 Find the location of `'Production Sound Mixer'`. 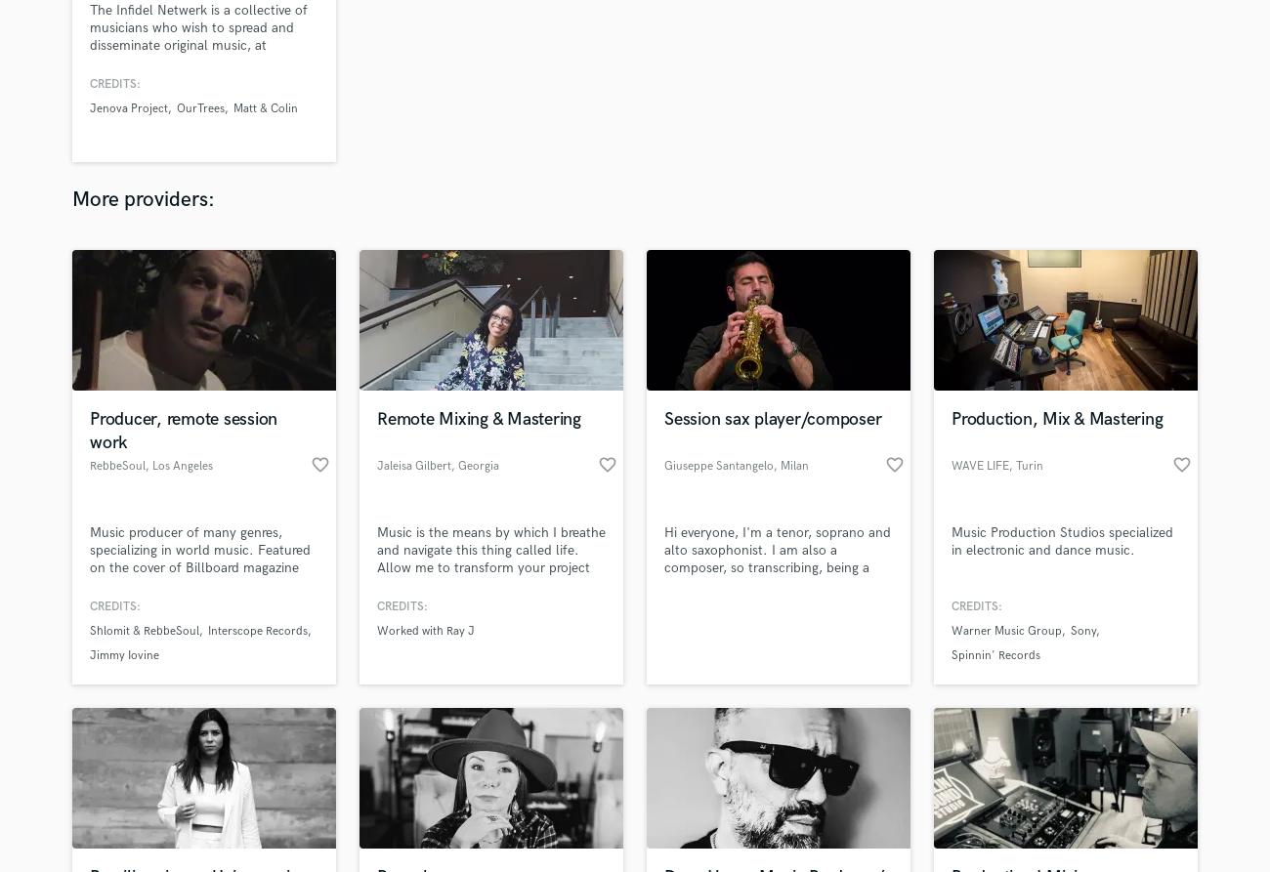

'Production Sound Mixer' is located at coordinates (566, 579).